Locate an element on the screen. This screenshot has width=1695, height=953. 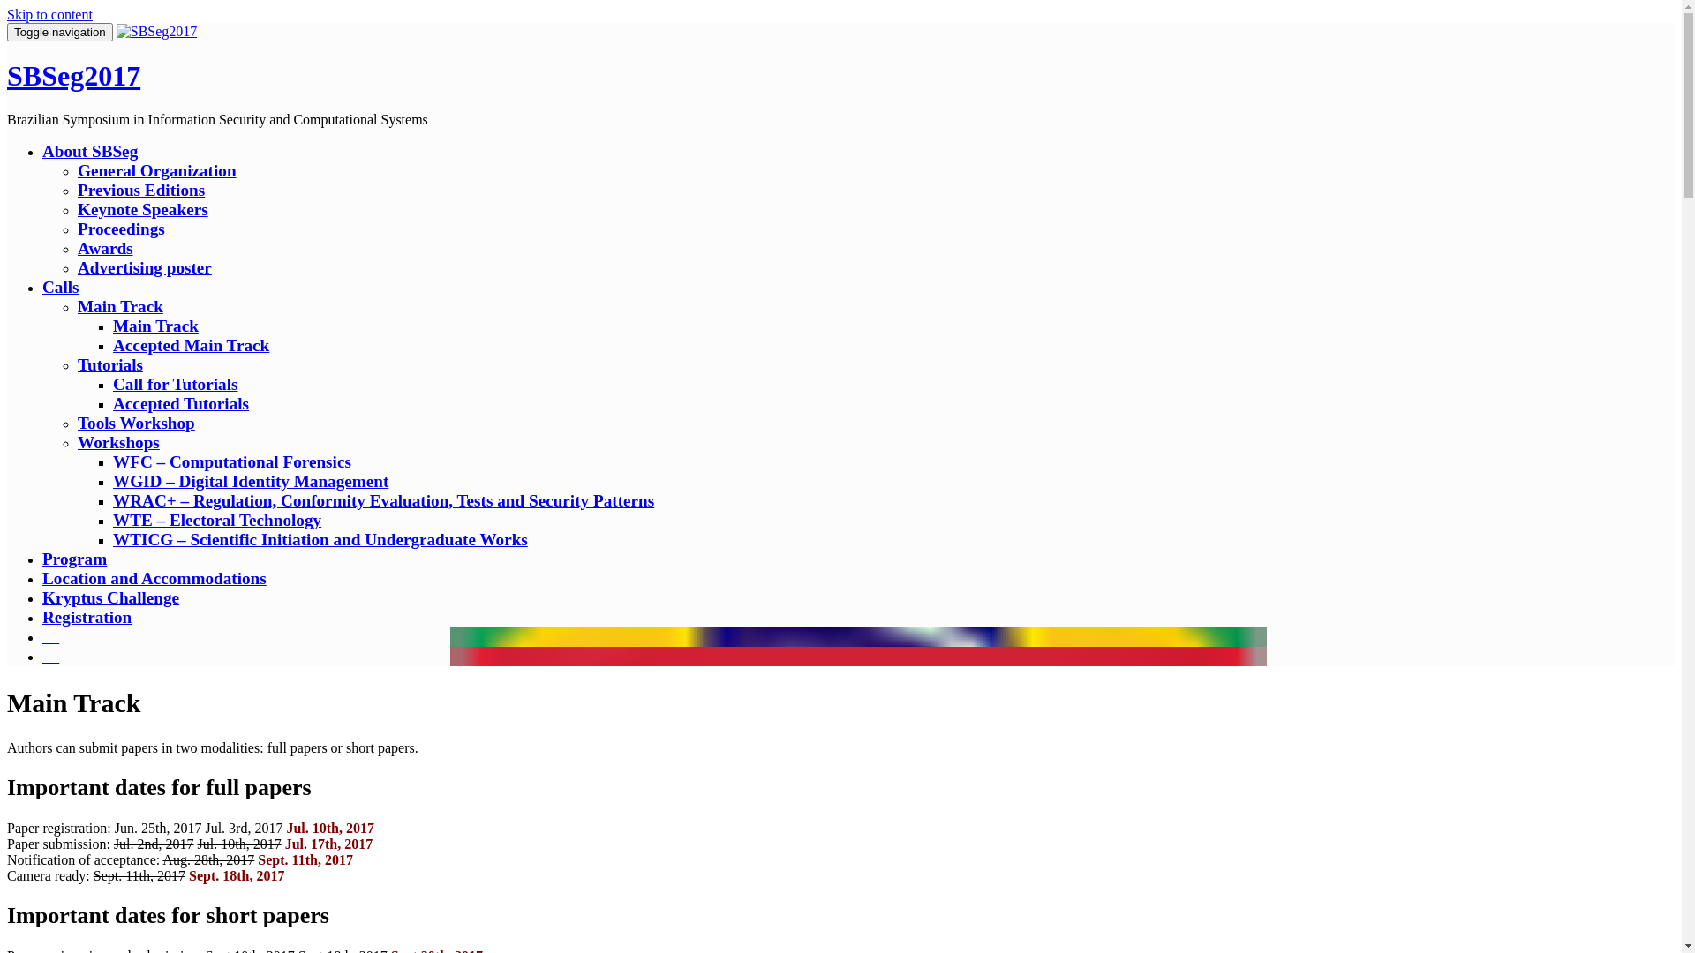
'Workshops' is located at coordinates (117, 441).